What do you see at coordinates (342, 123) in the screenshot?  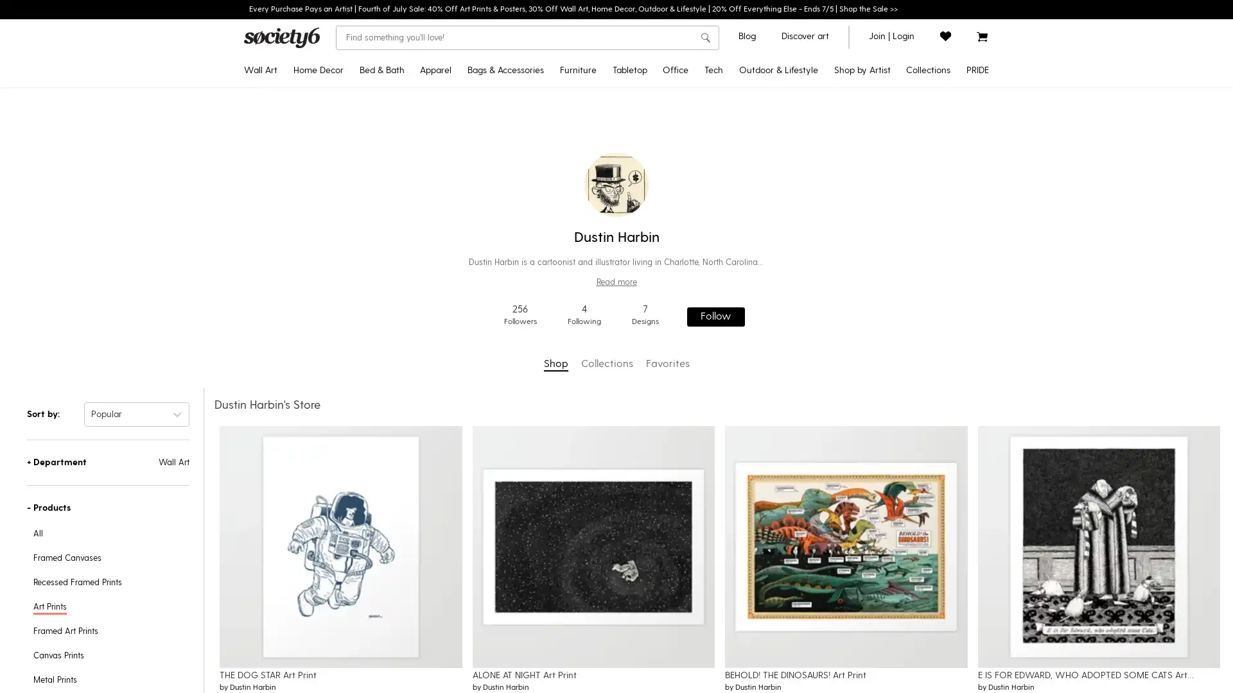 I see `Throw Pillows` at bounding box center [342, 123].